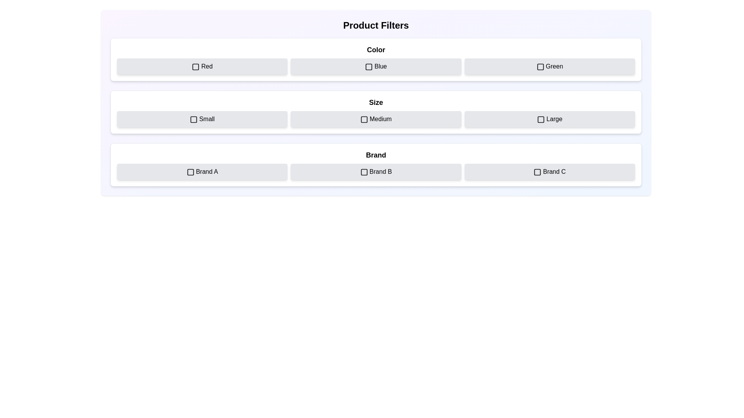  I want to click on the Button Group with Labels containing 'Brand A', 'Brand B', and 'Brand C', so click(376, 171).